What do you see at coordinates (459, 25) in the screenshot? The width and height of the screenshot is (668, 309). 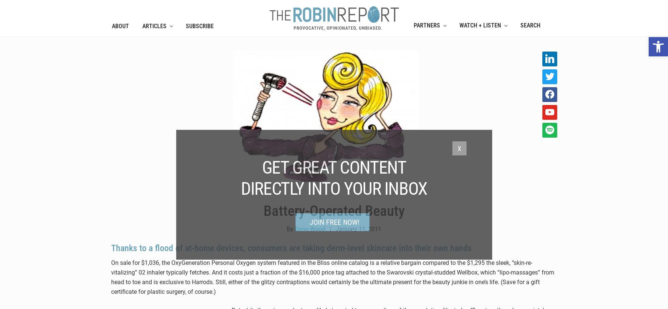 I see `'WATCH + LISTEN'` at bounding box center [459, 25].